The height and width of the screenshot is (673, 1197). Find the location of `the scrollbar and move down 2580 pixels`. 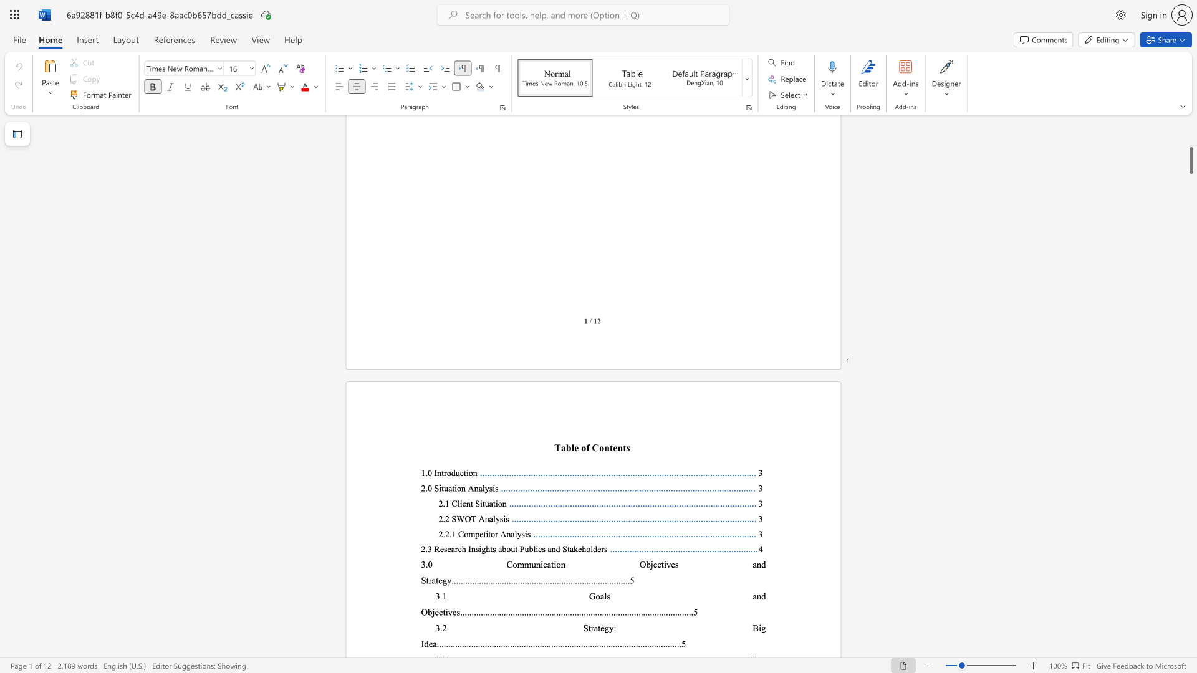

the scrollbar and move down 2580 pixels is located at coordinates (1190, 160).